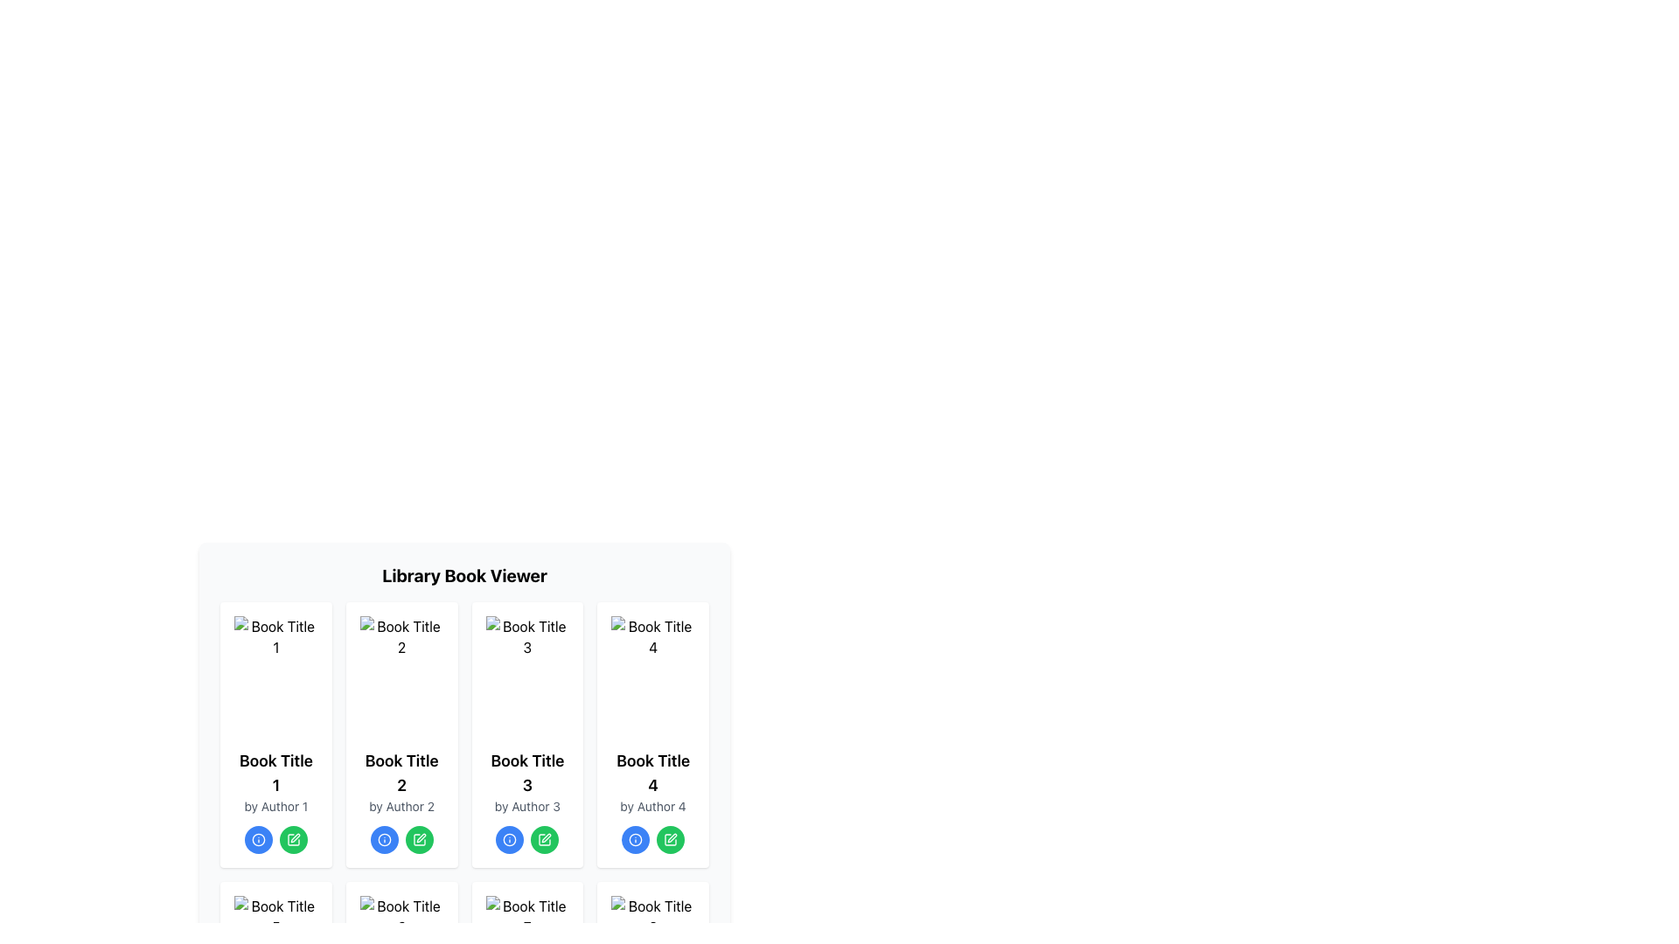 Image resolution: width=1679 pixels, height=944 pixels. Describe the element at coordinates (418, 838) in the screenshot. I see `the SVG graphic icon of a pen inside a square located at the bottom-right corner of the second card in the upper row of a 4-column grid` at that location.